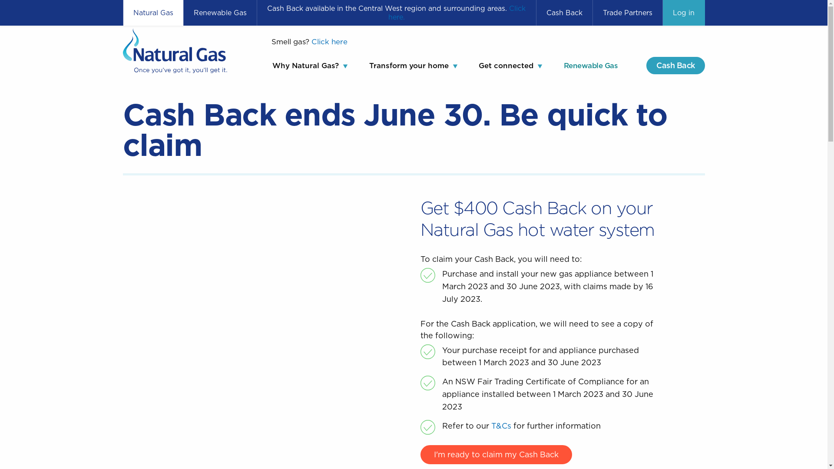 The width and height of the screenshot is (834, 469). What do you see at coordinates (683, 13) in the screenshot?
I see `'Log in'` at bounding box center [683, 13].